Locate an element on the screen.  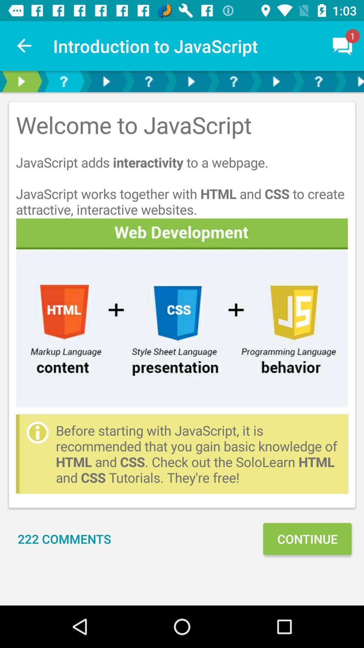
item to the left of continue item is located at coordinates (64, 538).